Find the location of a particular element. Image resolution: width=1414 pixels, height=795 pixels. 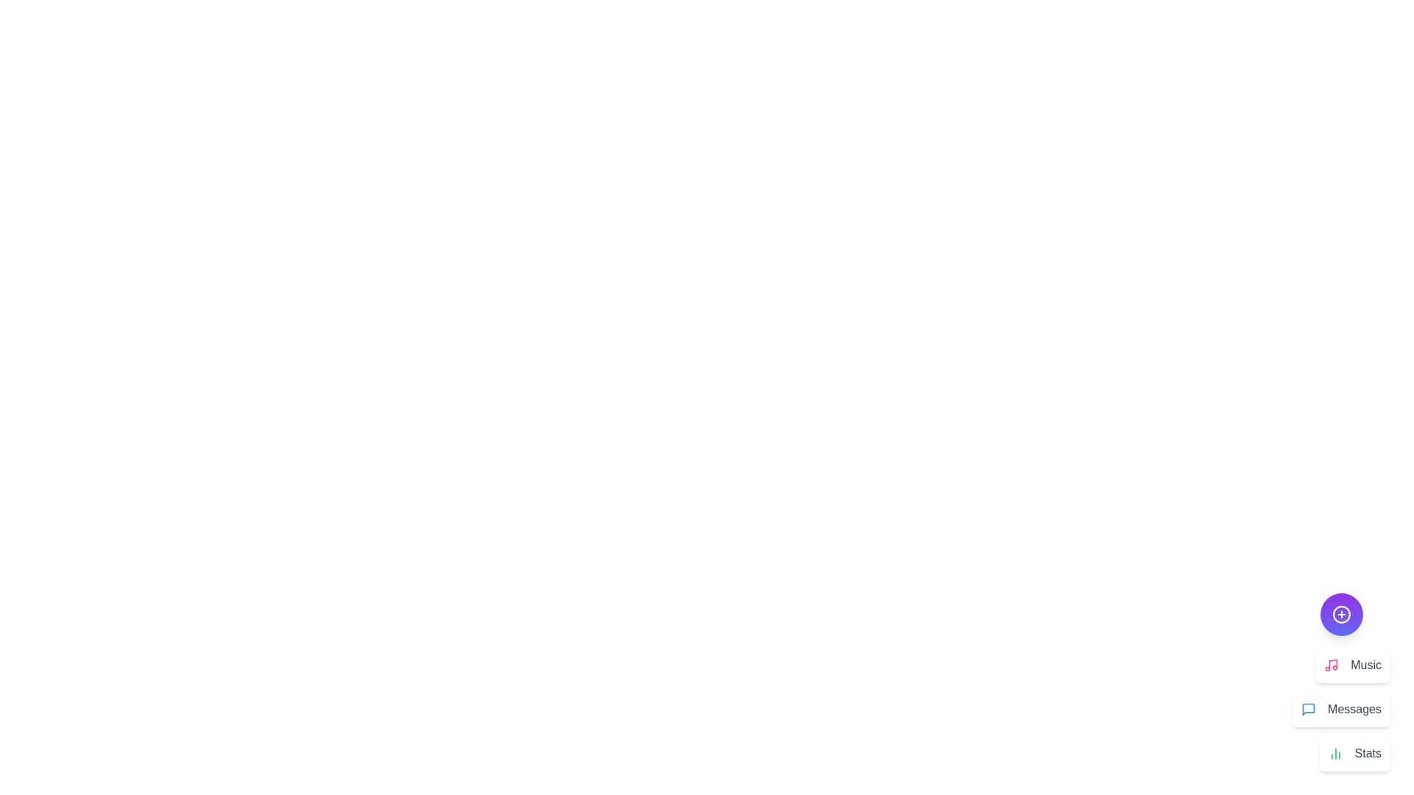

the purple circular button to toggle the menu's visibility is located at coordinates (1340, 614).